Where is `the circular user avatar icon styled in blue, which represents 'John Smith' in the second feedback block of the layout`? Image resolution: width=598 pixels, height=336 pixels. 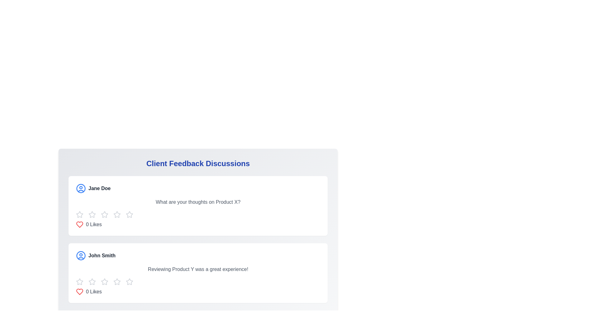 the circular user avatar icon styled in blue, which represents 'John Smith' in the second feedback block of the layout is located at coordinates (80, 255).